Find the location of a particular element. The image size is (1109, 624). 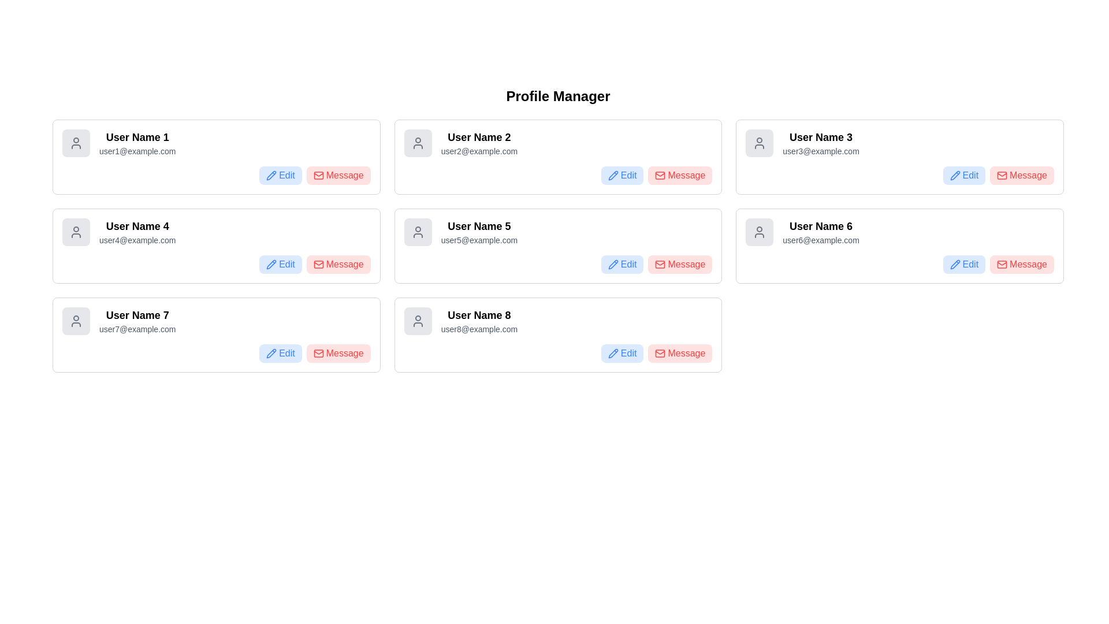

the text display element that shows the user's name and email address is located at coordinates (479, 321).